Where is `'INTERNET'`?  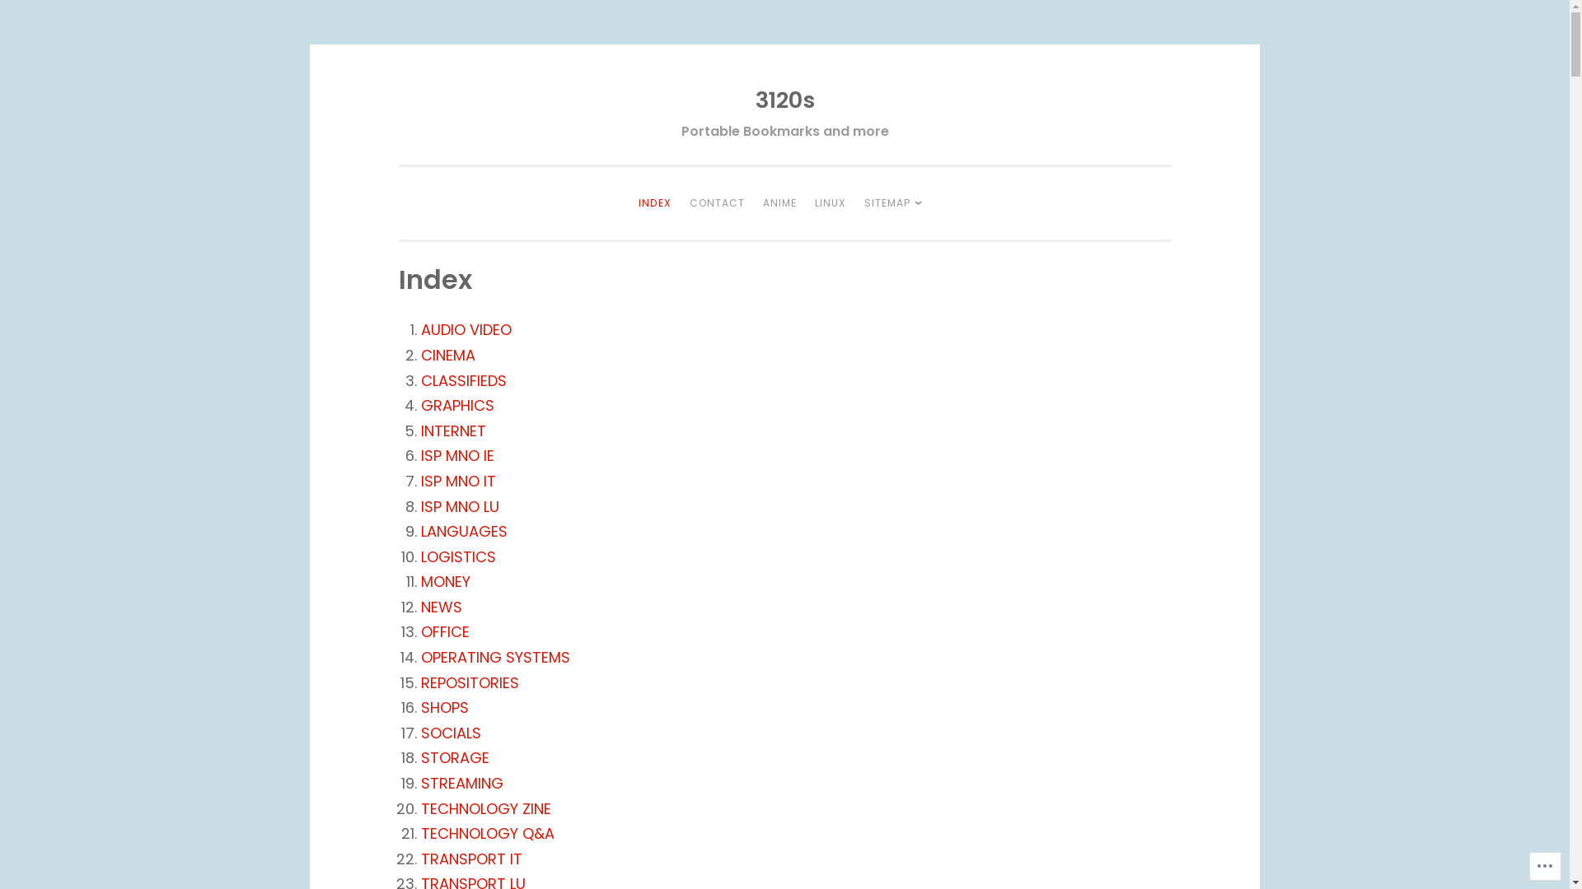
'INTERNET' is located at coordinates (453, 430).